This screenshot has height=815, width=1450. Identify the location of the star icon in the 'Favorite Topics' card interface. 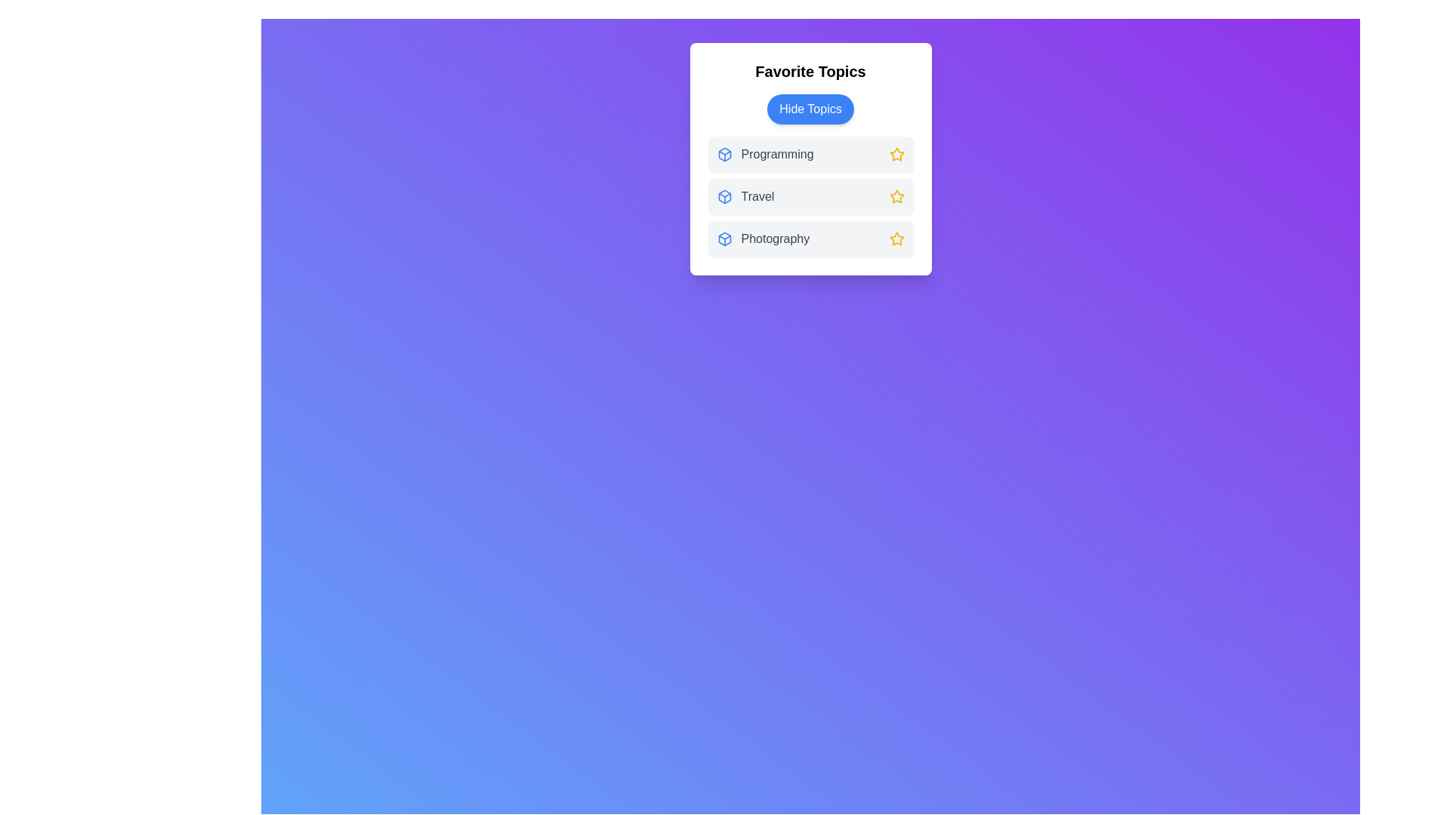
(896, 238).